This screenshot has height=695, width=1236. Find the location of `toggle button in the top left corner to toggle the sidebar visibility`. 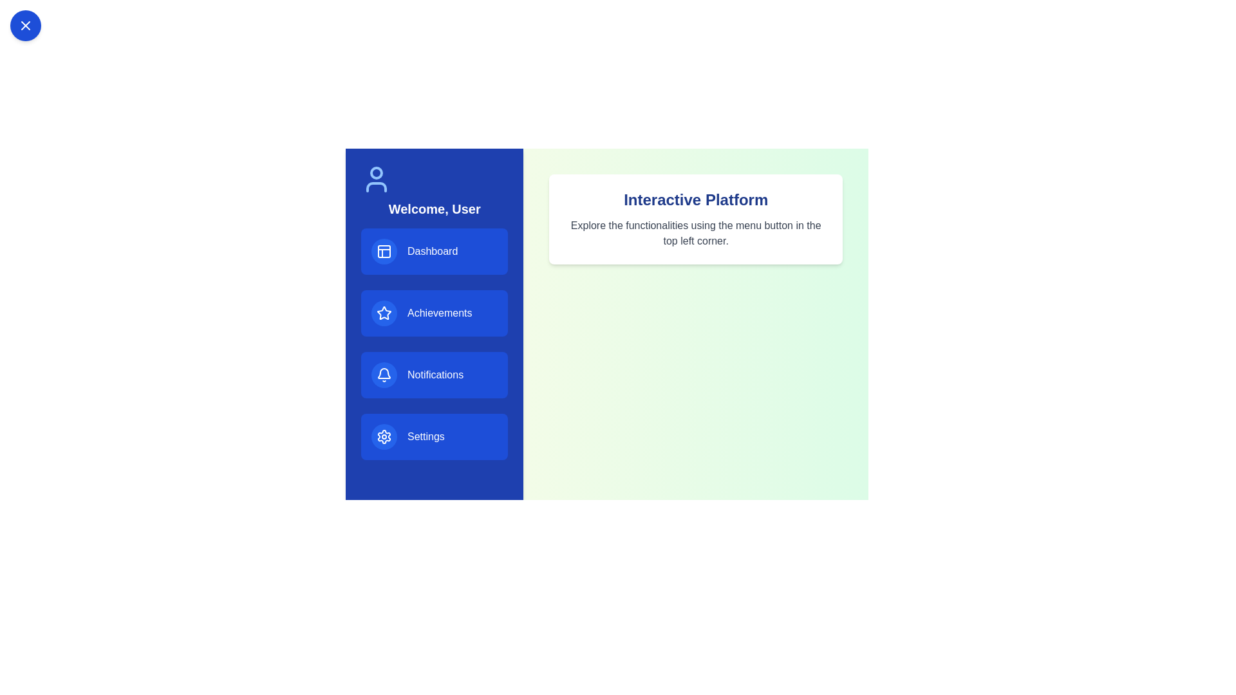

toggle button in the top left corner to toggle the sidebar visibility is located at coordinates (25, 25).